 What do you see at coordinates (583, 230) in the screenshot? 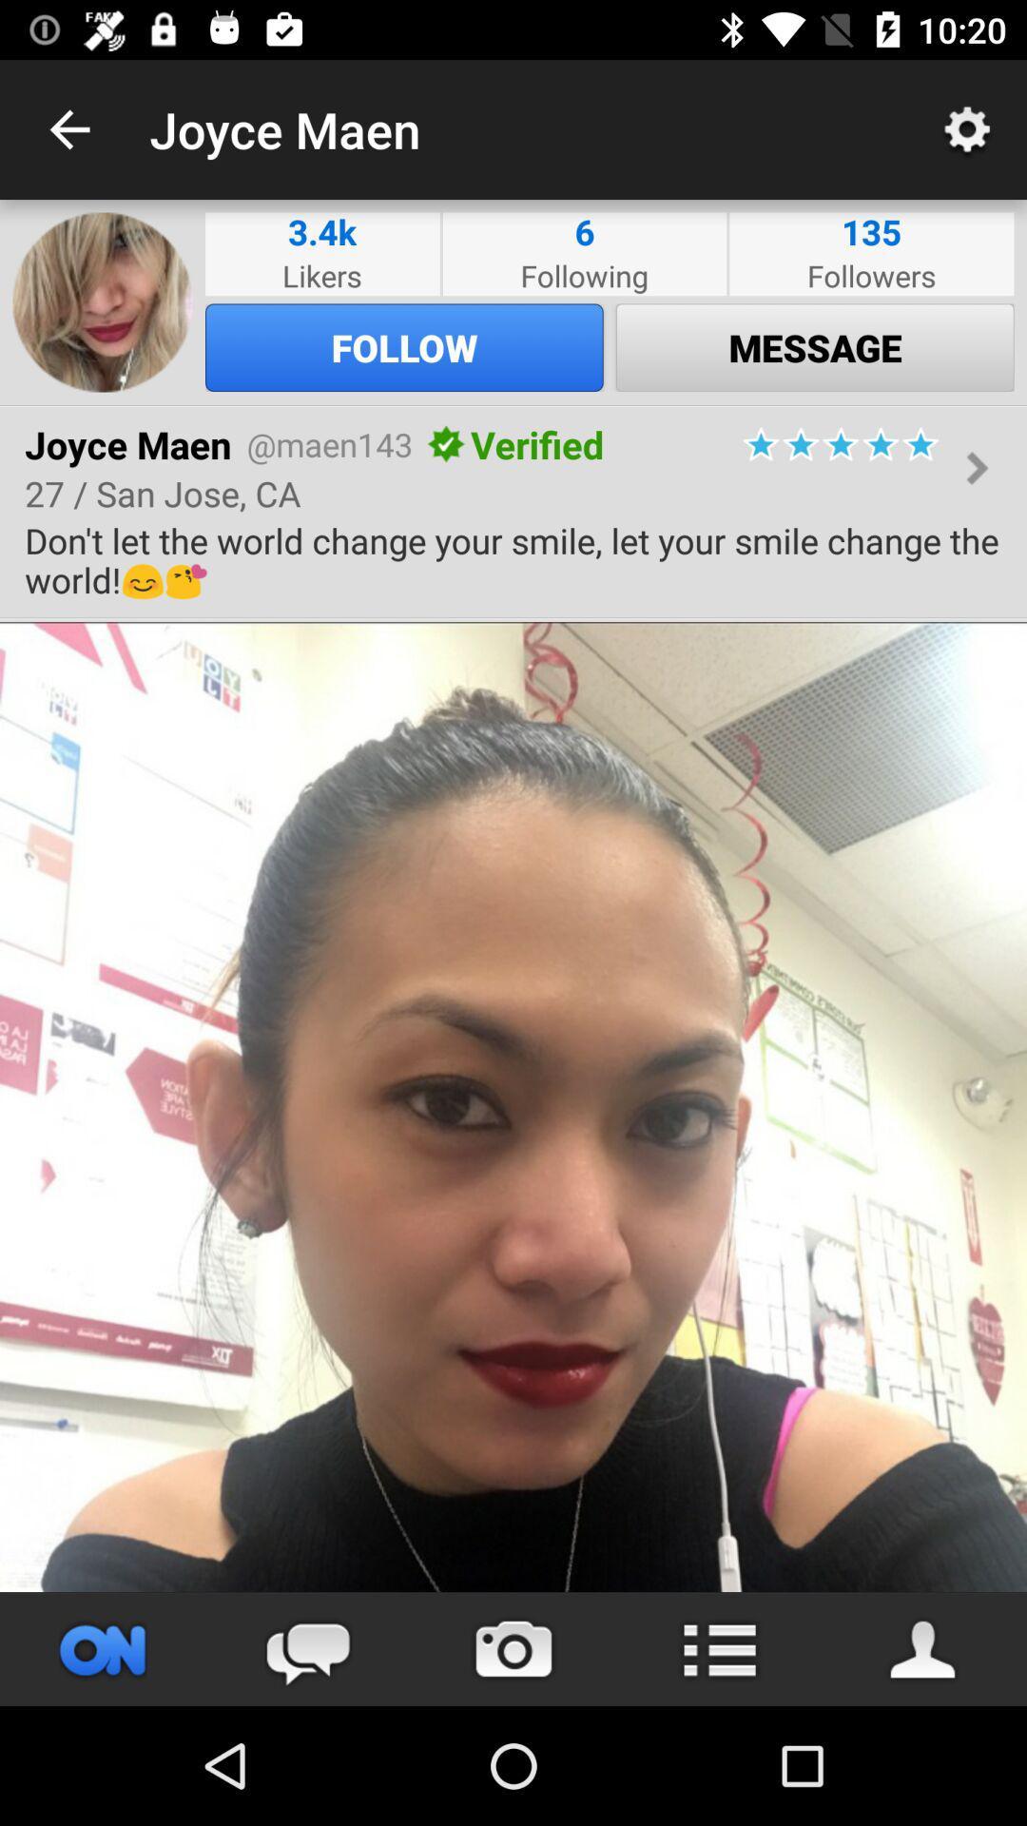
I see `icon to the left of followers item` at bounding box center [583, 230].